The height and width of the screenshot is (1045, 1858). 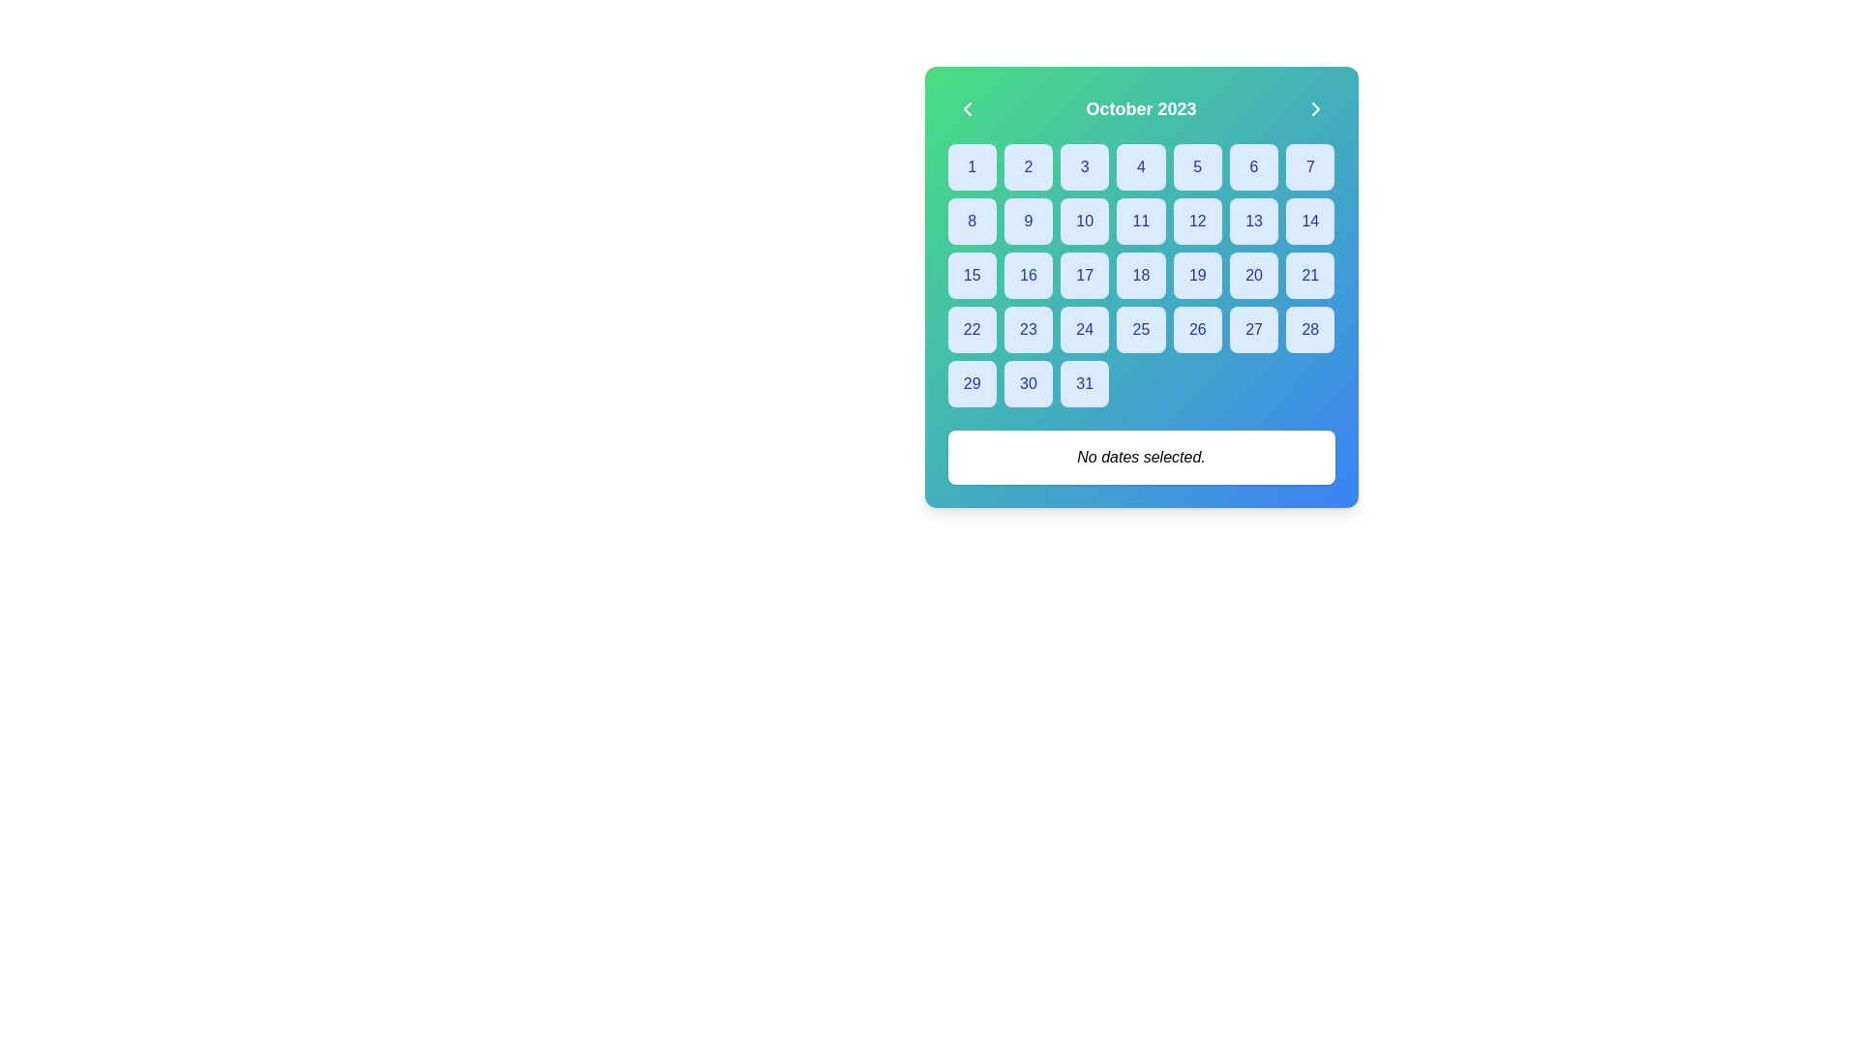 What do you see at coordinates (1027, 276) in the screenshot?
I see `the selectable date button located in the fourth row and second column of the calendar interface` at bounding box center [1027, 276].